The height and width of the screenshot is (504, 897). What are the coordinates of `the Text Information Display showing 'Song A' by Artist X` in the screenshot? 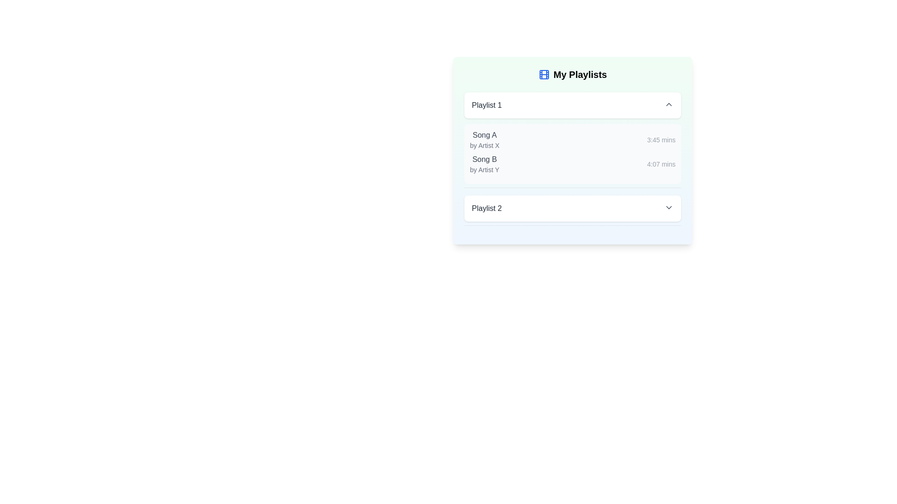 It's located at (484, 140).